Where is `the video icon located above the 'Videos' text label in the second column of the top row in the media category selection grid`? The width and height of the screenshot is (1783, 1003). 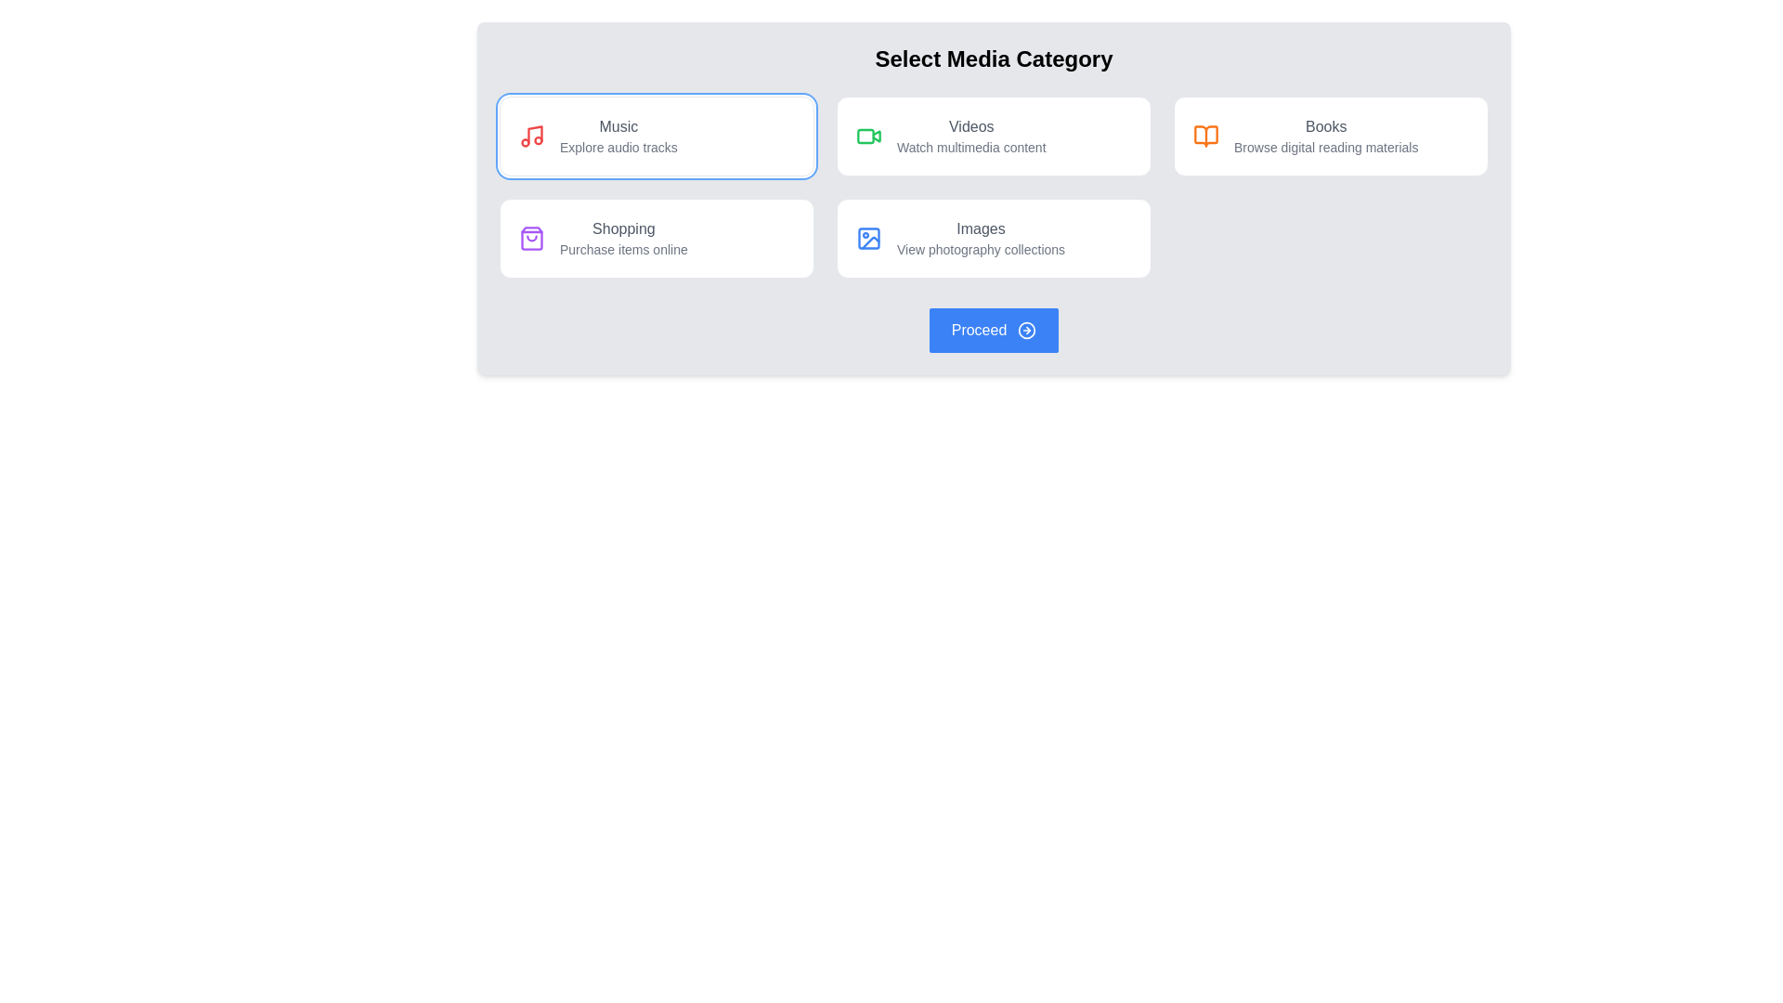 the video icon located above the 'Videos' text label in the second column of the top row in the media category selection grid is located at coordinates (865, 135).